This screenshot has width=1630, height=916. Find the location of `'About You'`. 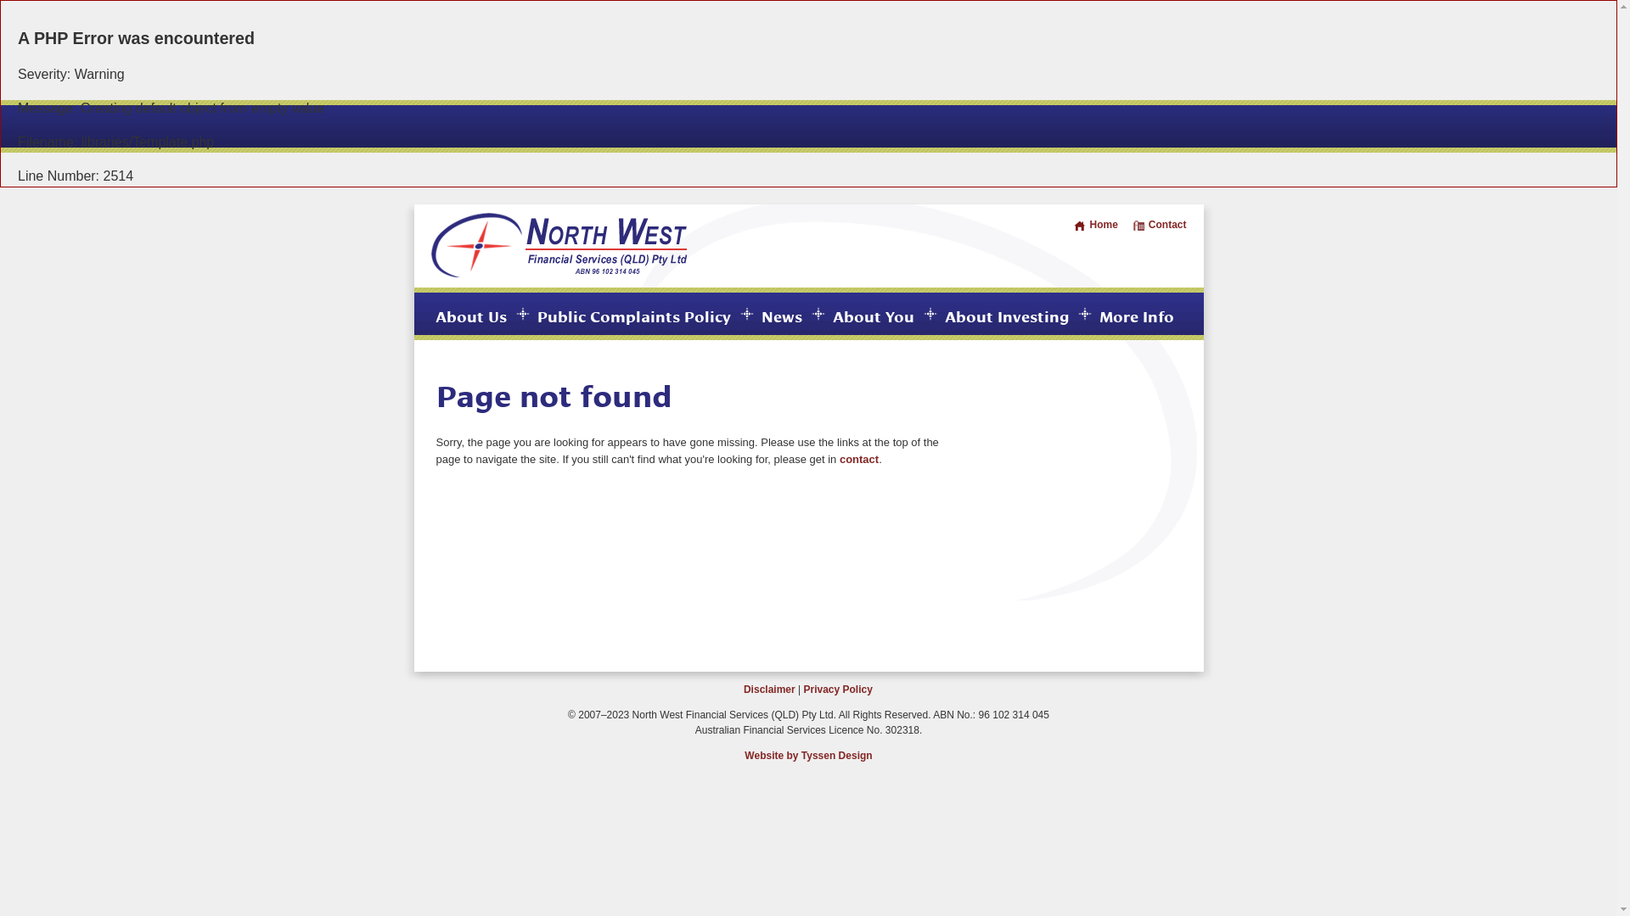

'About You' is located at coordinates (831, 315).